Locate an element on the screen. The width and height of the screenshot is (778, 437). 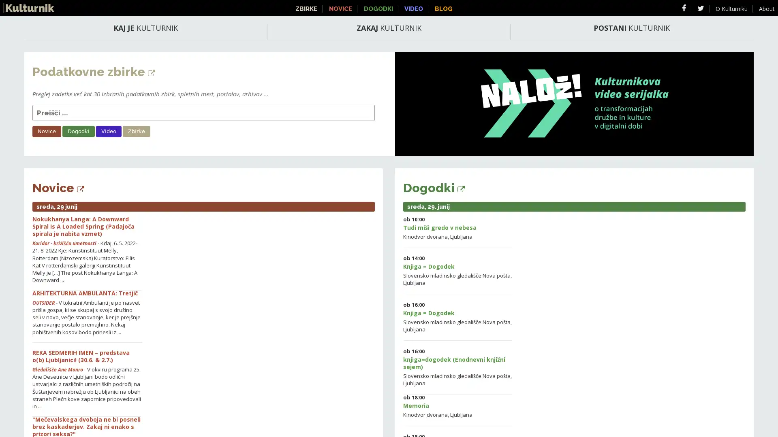
Video is located at coordinates (108, 131).